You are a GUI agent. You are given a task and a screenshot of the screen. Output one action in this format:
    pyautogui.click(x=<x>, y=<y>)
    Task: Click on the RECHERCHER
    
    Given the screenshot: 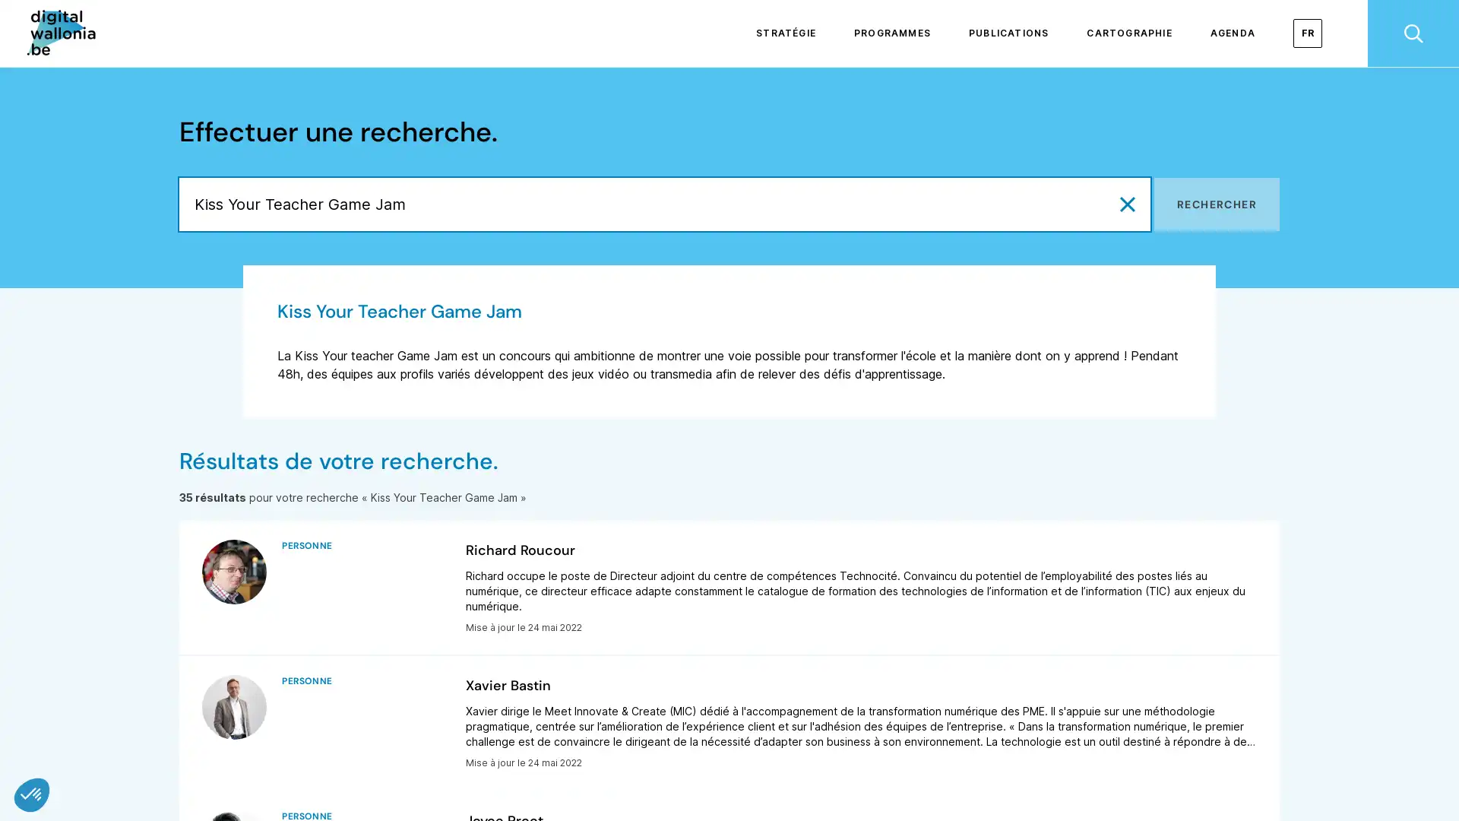 What is the action you would take?
    pyautogui.click(x=1217, y=204)
    